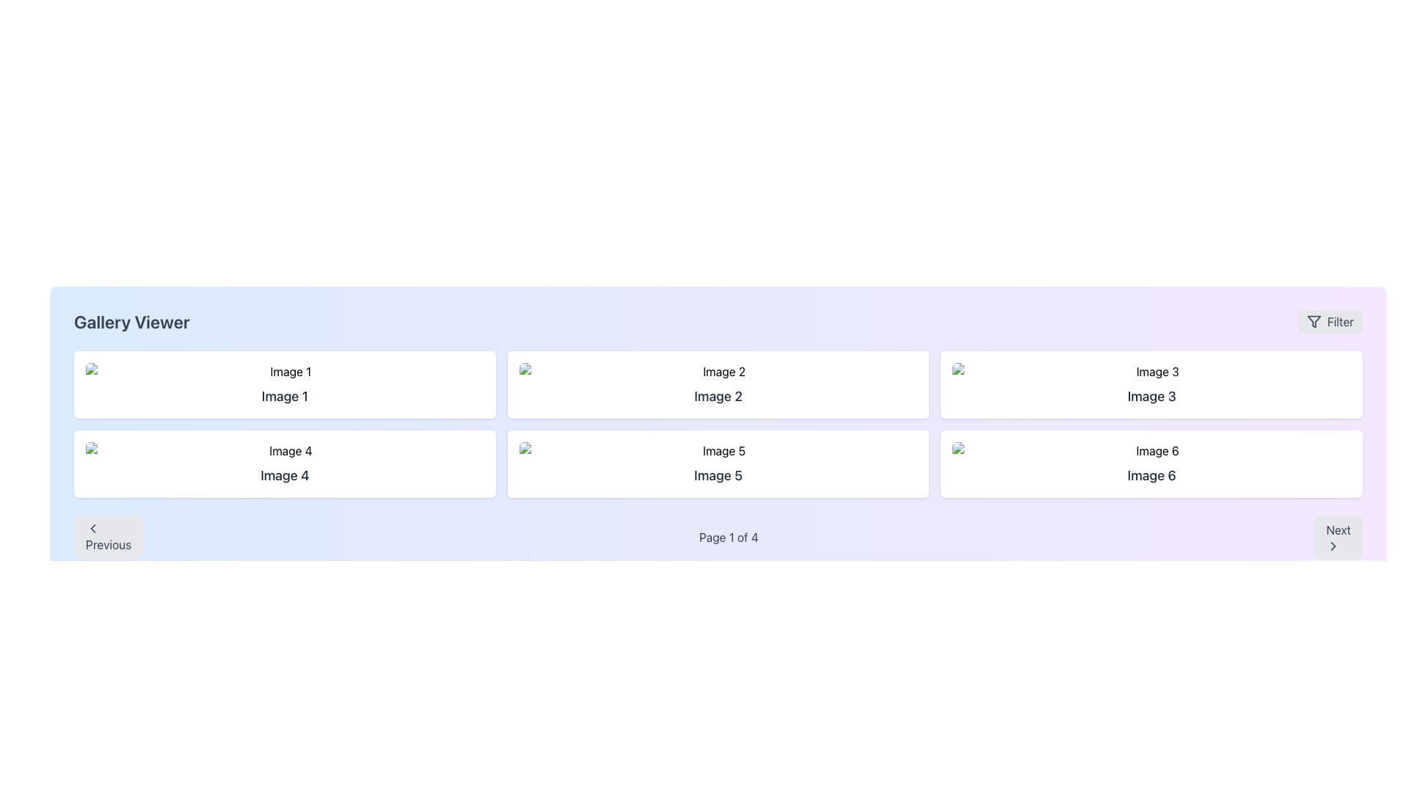 This screenshot has height=792, width=1409. What do you see at coordinates (718, 384) in the screenshot?
I see `the second card in the grid layout that displays 'Image 2' and its label` at bounding box center [718, 384].